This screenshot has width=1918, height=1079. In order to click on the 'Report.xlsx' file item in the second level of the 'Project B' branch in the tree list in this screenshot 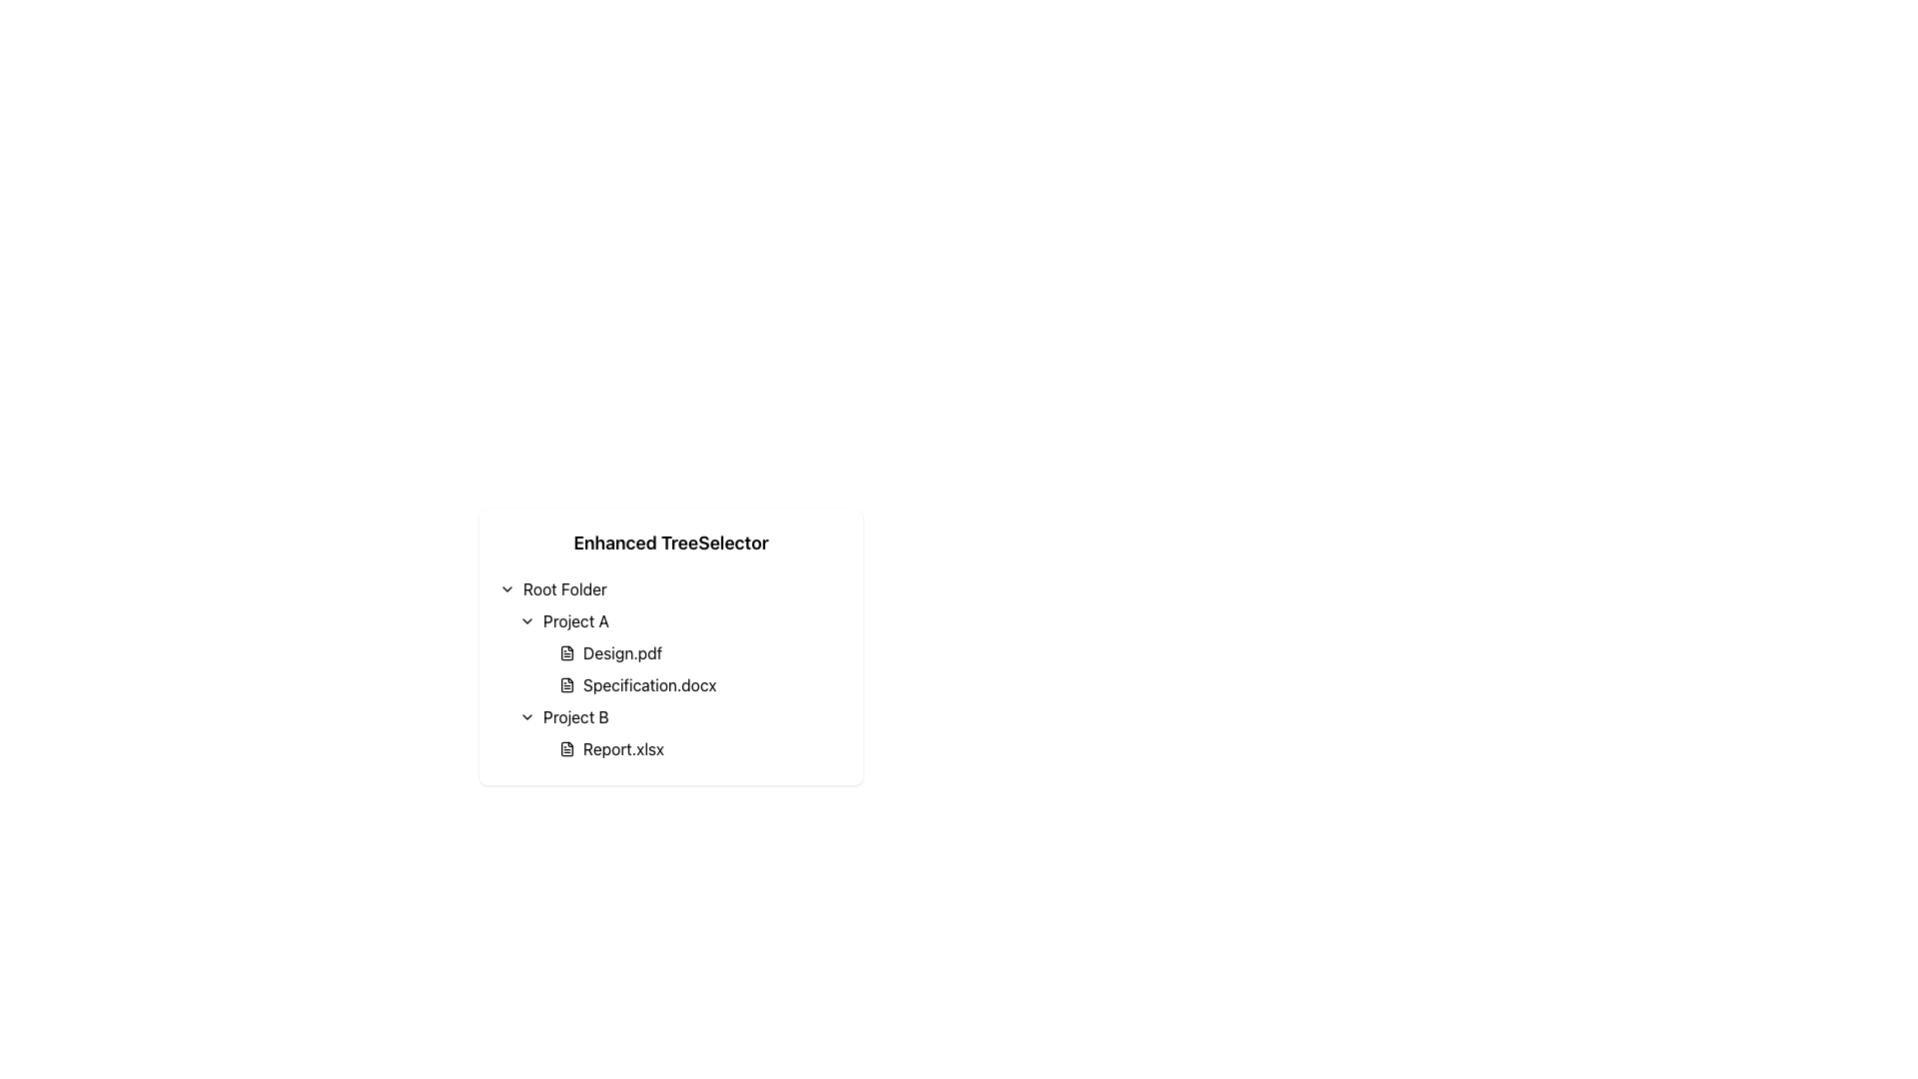, I will do `click(700, 748)`.